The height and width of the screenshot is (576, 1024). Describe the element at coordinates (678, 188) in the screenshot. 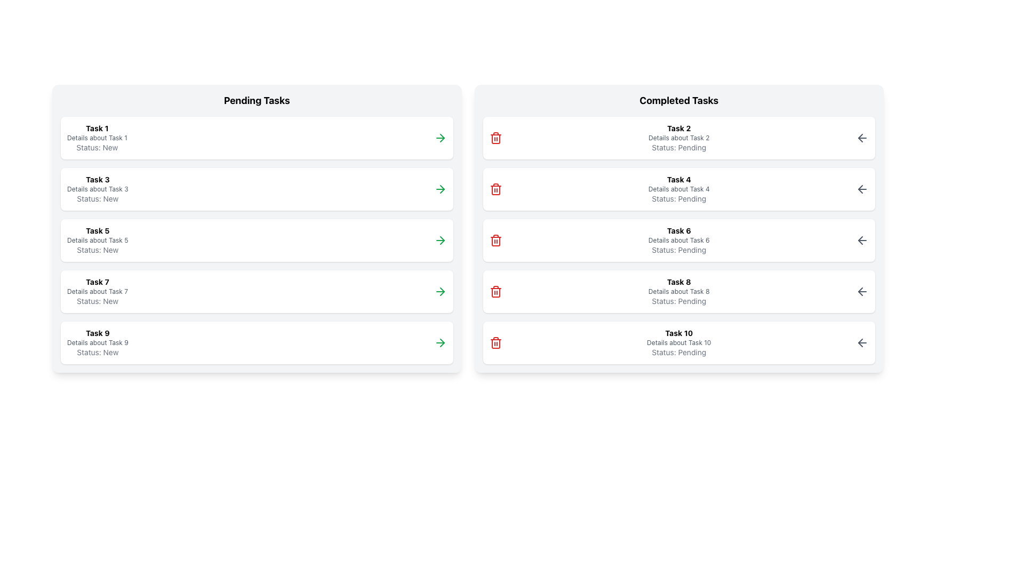

I see `the informational text label displaying additional details about 'Task 4' located in the 'Completed Tasks' column, specifically the second card in the list` at that location.